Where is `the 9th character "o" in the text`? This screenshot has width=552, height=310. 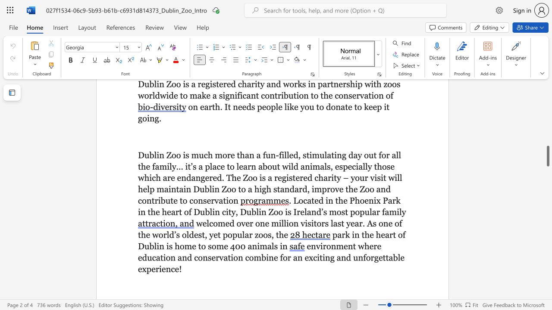 the 9th character "o" in the text is located at coordinates (195, 201).